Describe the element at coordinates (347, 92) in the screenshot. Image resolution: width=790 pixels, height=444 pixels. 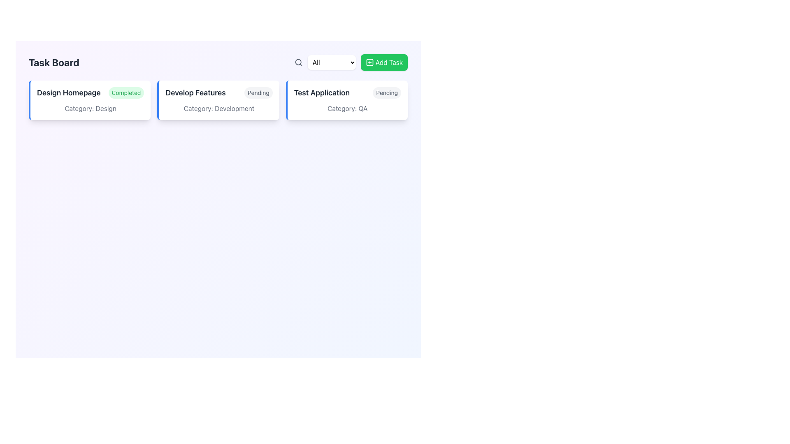
I see `the Text and status indicator header that summarizes the task titled 'Test Application' with a current status of 'pending' to select it` at that location.